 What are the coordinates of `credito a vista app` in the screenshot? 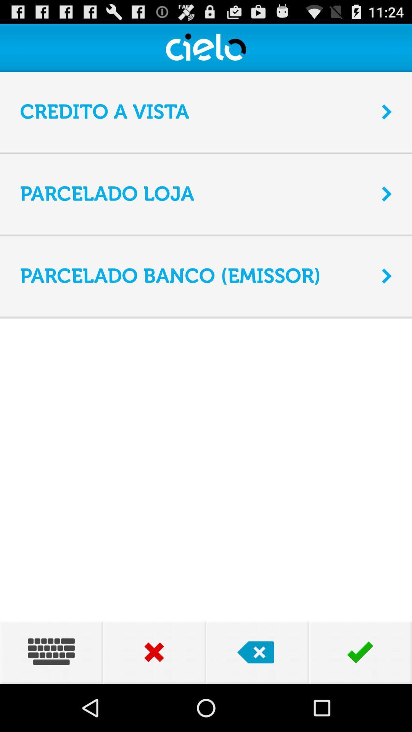 It's located at (195, 111).